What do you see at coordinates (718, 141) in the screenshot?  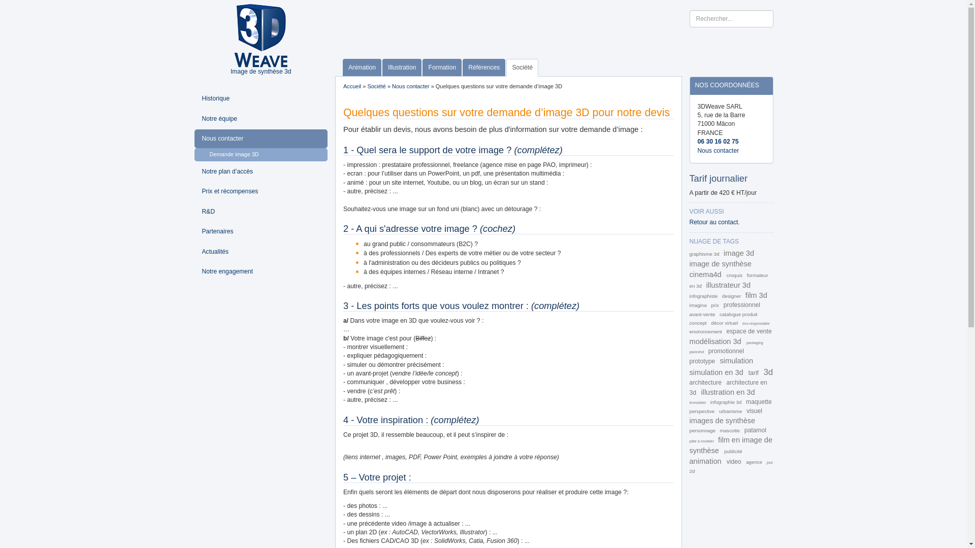 I see `'06 30 16 02 75'` at bounding box center [718, 141].